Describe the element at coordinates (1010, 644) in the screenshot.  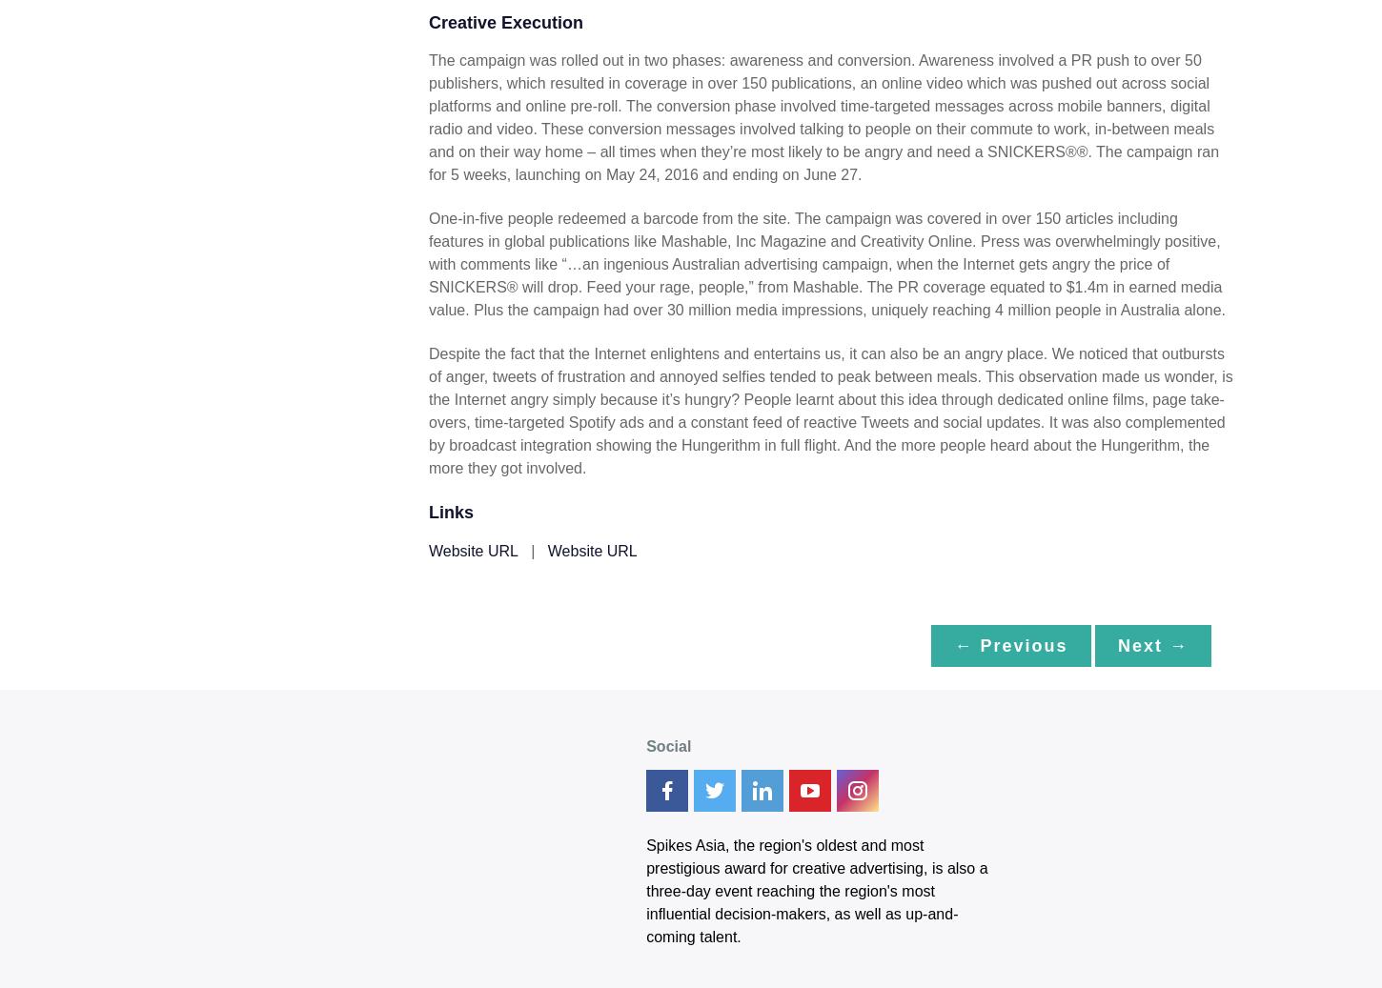
I see `'← Previous'` at that location.